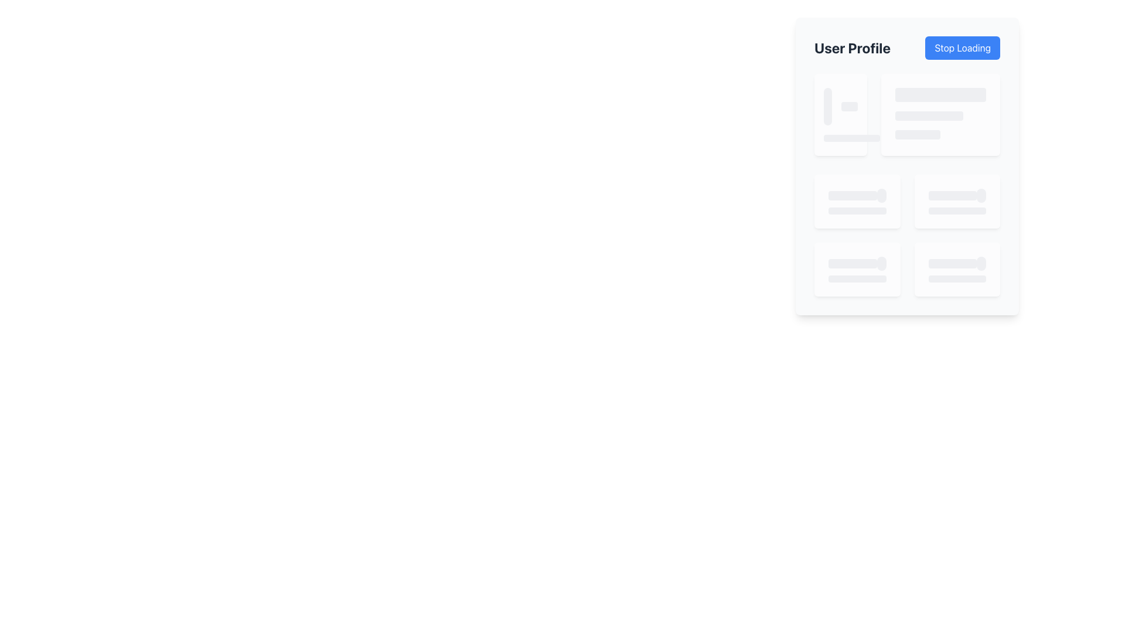 This screenshot has width=1125, height=633. Describe the element at coordinates (852, 137) in the screenshot. I see `the horizontally oriented gray-colored placeholder bar located at the bottom of the card, which has rounded ends and a light gray background` at that location.